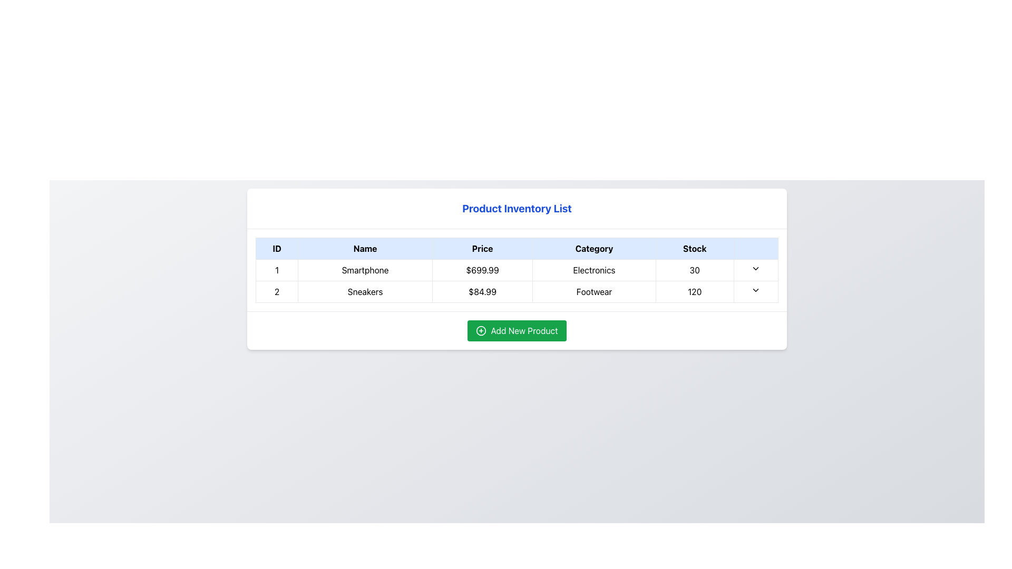 This screenshot has width=1012, height=569. Describe the element at coordinates (277, 292) in the screenshot. I see `the text label representing the unique identifier (ID) of the product 'Sneakers' in the table under the 'ID' column` at that location.